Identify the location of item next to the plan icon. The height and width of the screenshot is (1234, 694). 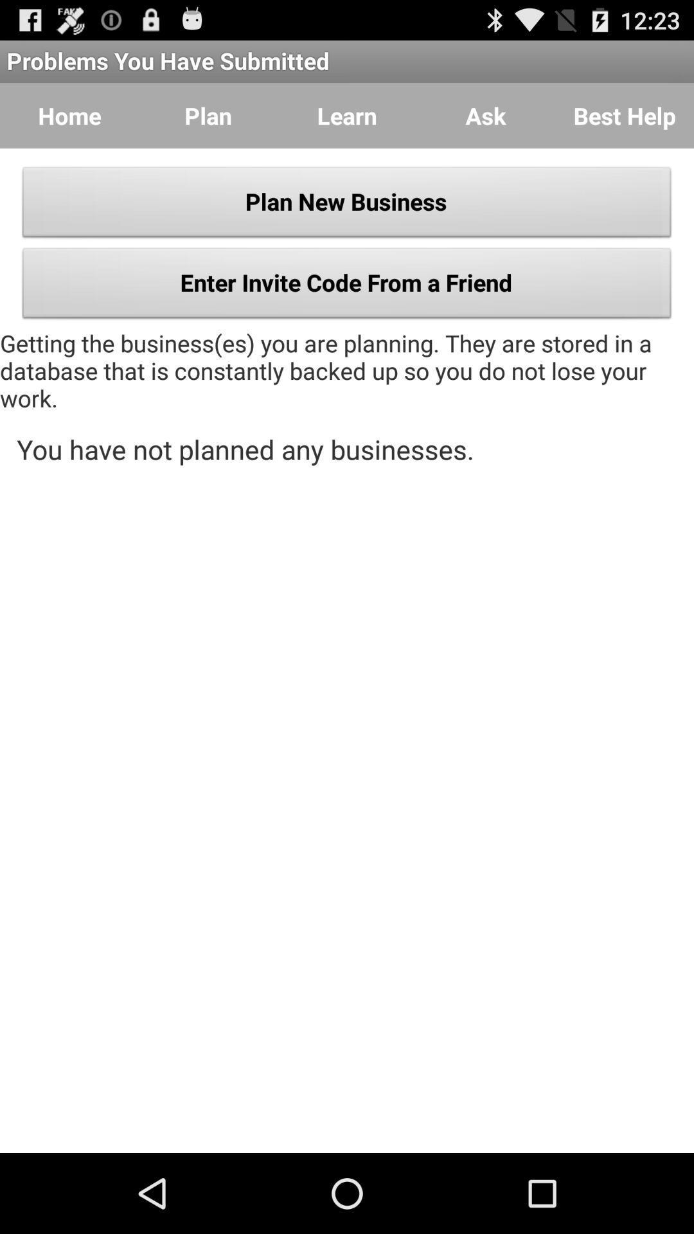
(347, 116).